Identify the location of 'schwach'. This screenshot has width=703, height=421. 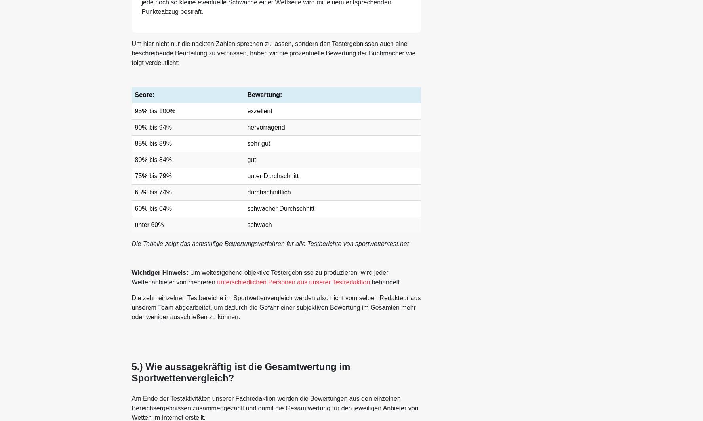
(259, 224).